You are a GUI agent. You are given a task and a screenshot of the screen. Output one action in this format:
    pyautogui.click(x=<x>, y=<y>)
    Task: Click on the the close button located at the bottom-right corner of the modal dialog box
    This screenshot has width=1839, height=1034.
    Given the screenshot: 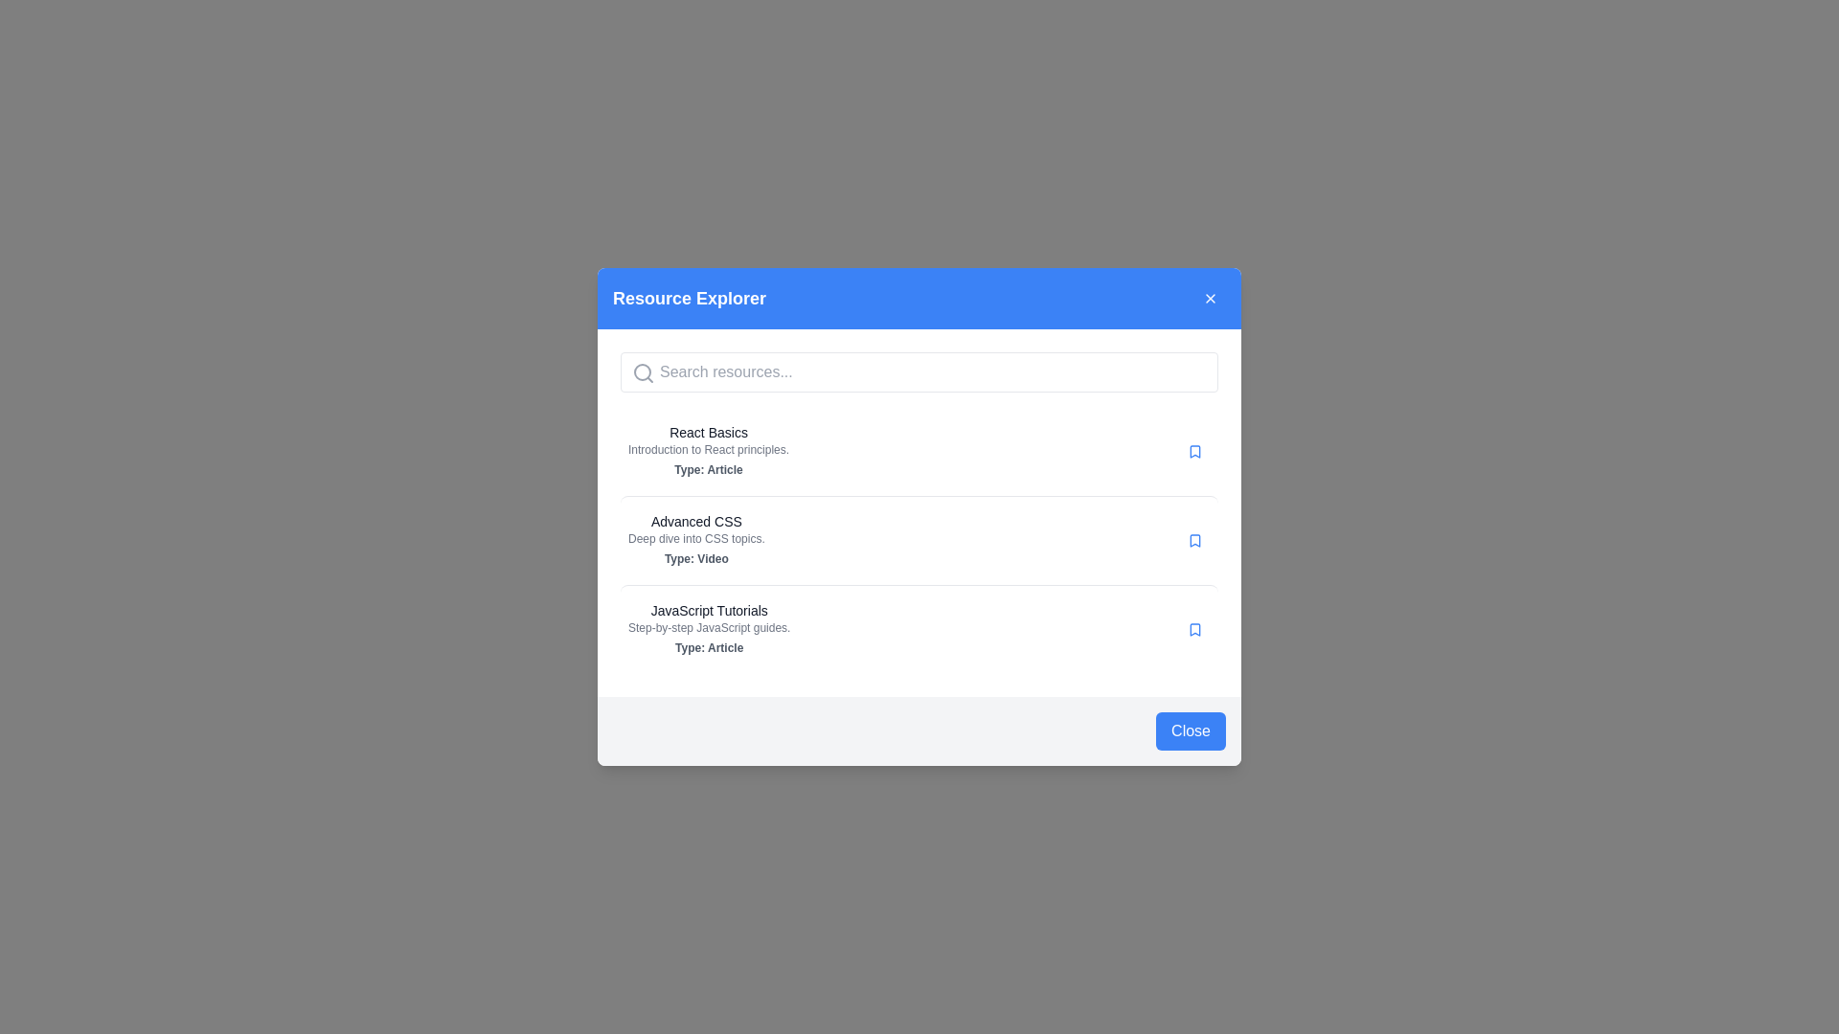 What is the action you would take?
    pyautogui.click(x=1190, y=731)
    